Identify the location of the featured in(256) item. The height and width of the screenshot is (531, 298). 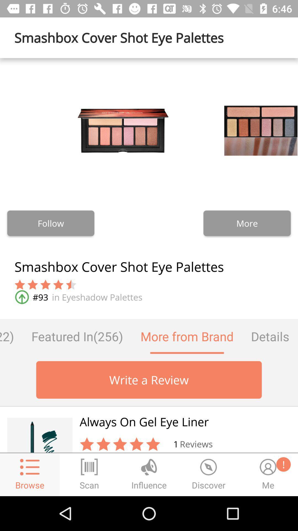
(77, 336).